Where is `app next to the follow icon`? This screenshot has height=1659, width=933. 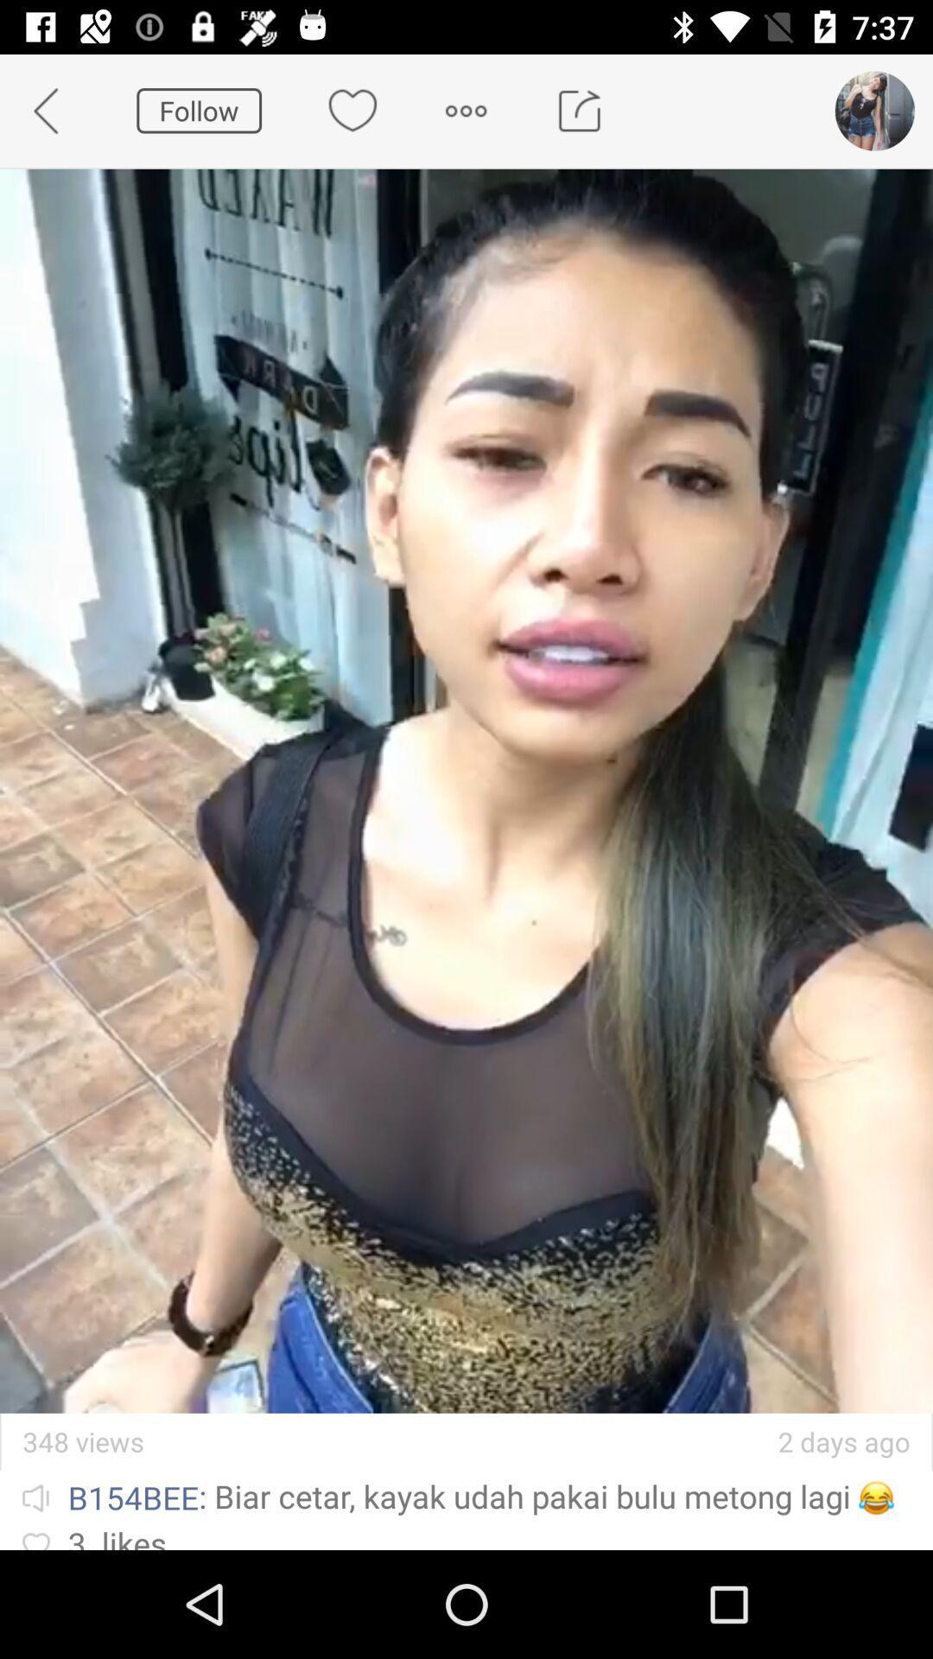 app next to the follow icon is located at coordinates (55, 110).